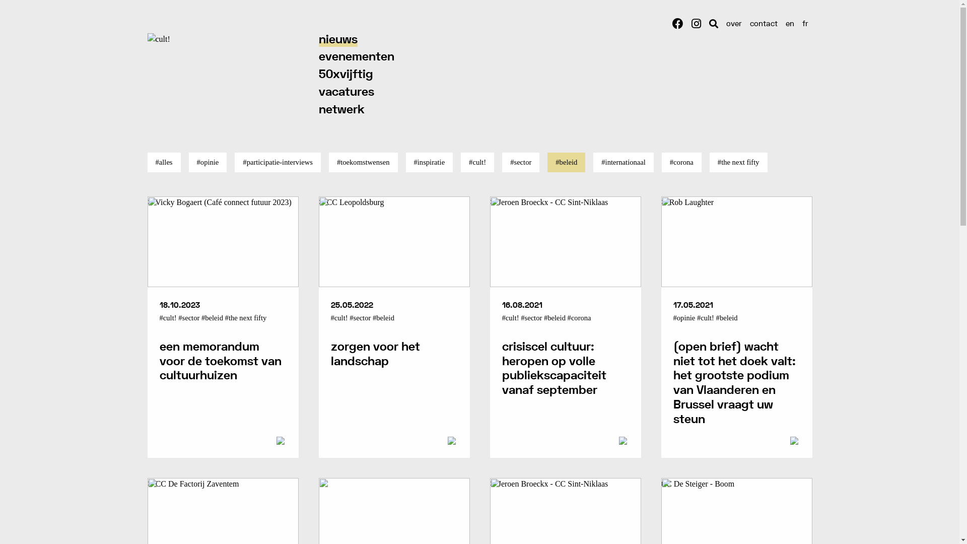 Image resolution: width=967 pixels, height=544 pixels. I want to click on 'fr', so click(804, 24).